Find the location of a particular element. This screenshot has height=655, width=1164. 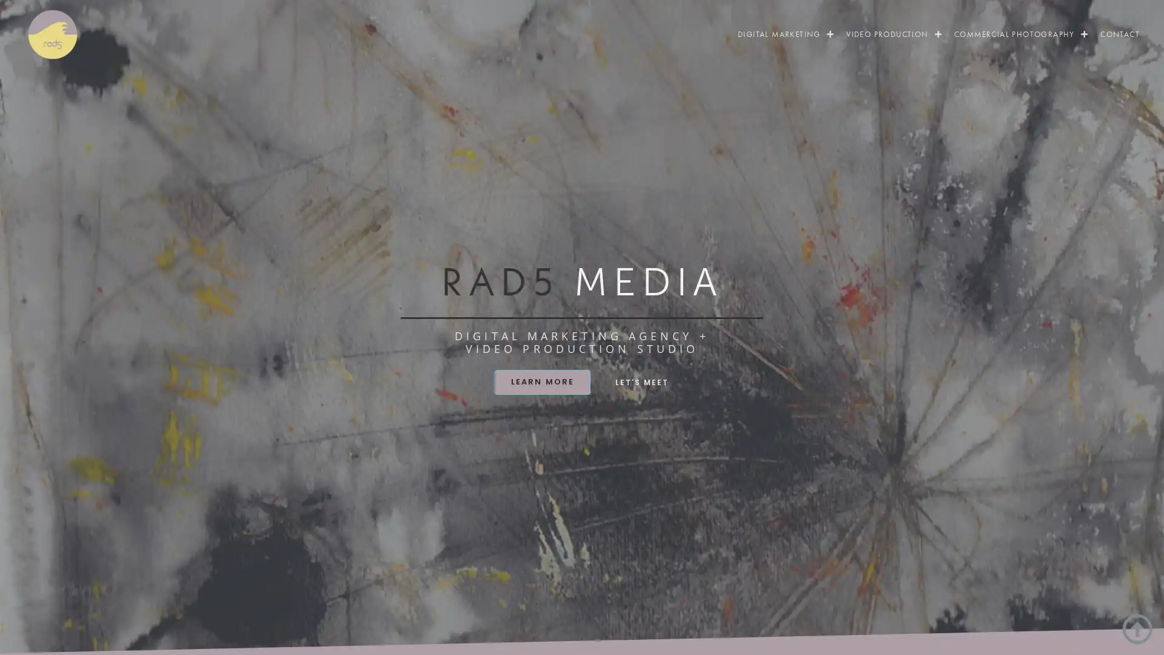

LEARN MORE is located at coordinates (541, 381).